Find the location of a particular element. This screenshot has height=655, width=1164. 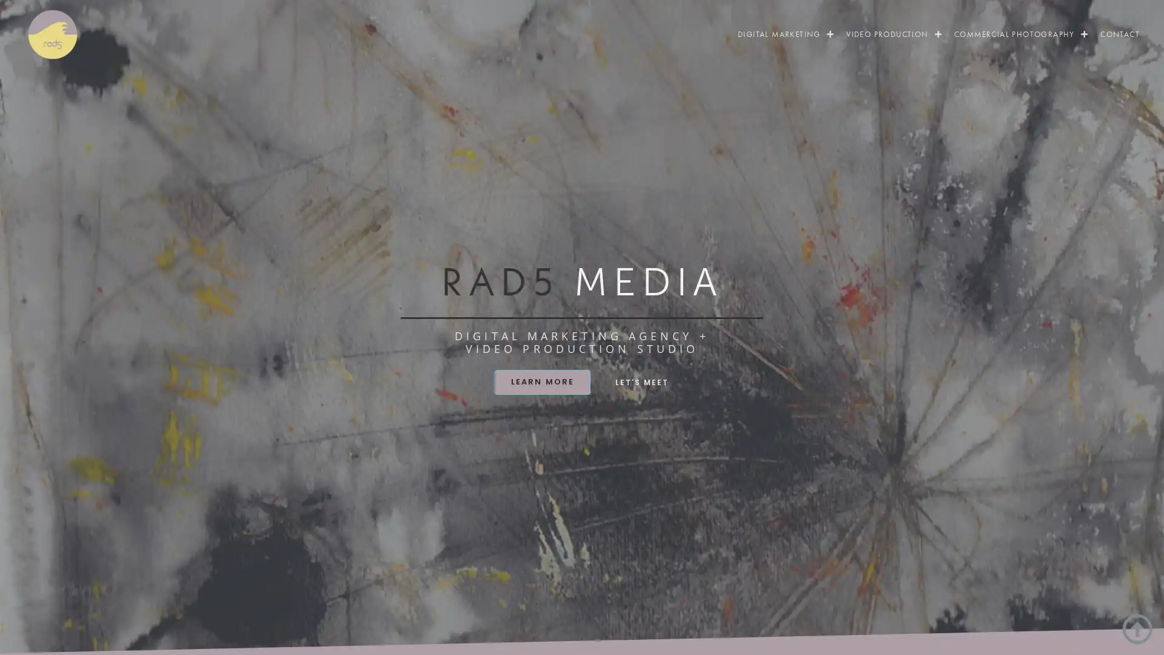

LEARN MORE is located at coordinates (541, 381).